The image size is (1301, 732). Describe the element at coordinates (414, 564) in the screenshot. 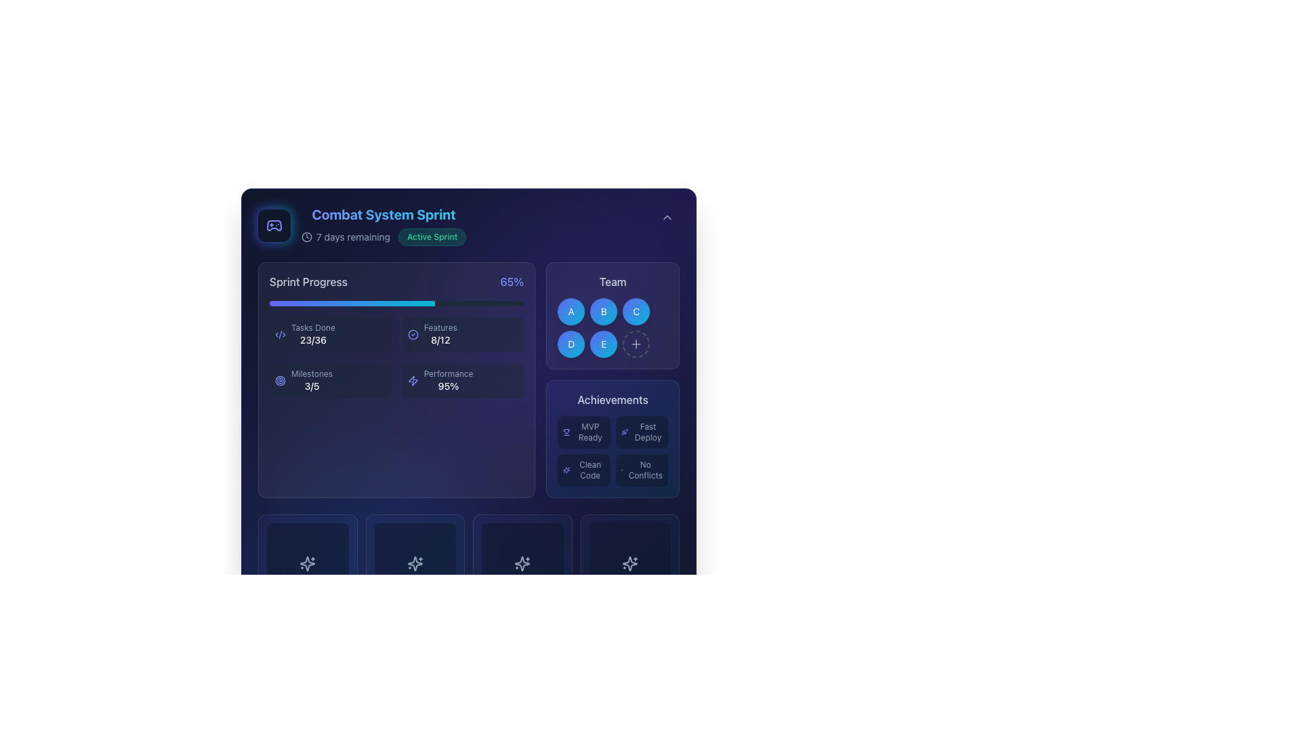

I see `to select or activate the square grid cell with an icon located in the second column of the last row beneath the 'Sprint Progress' section` at that location.